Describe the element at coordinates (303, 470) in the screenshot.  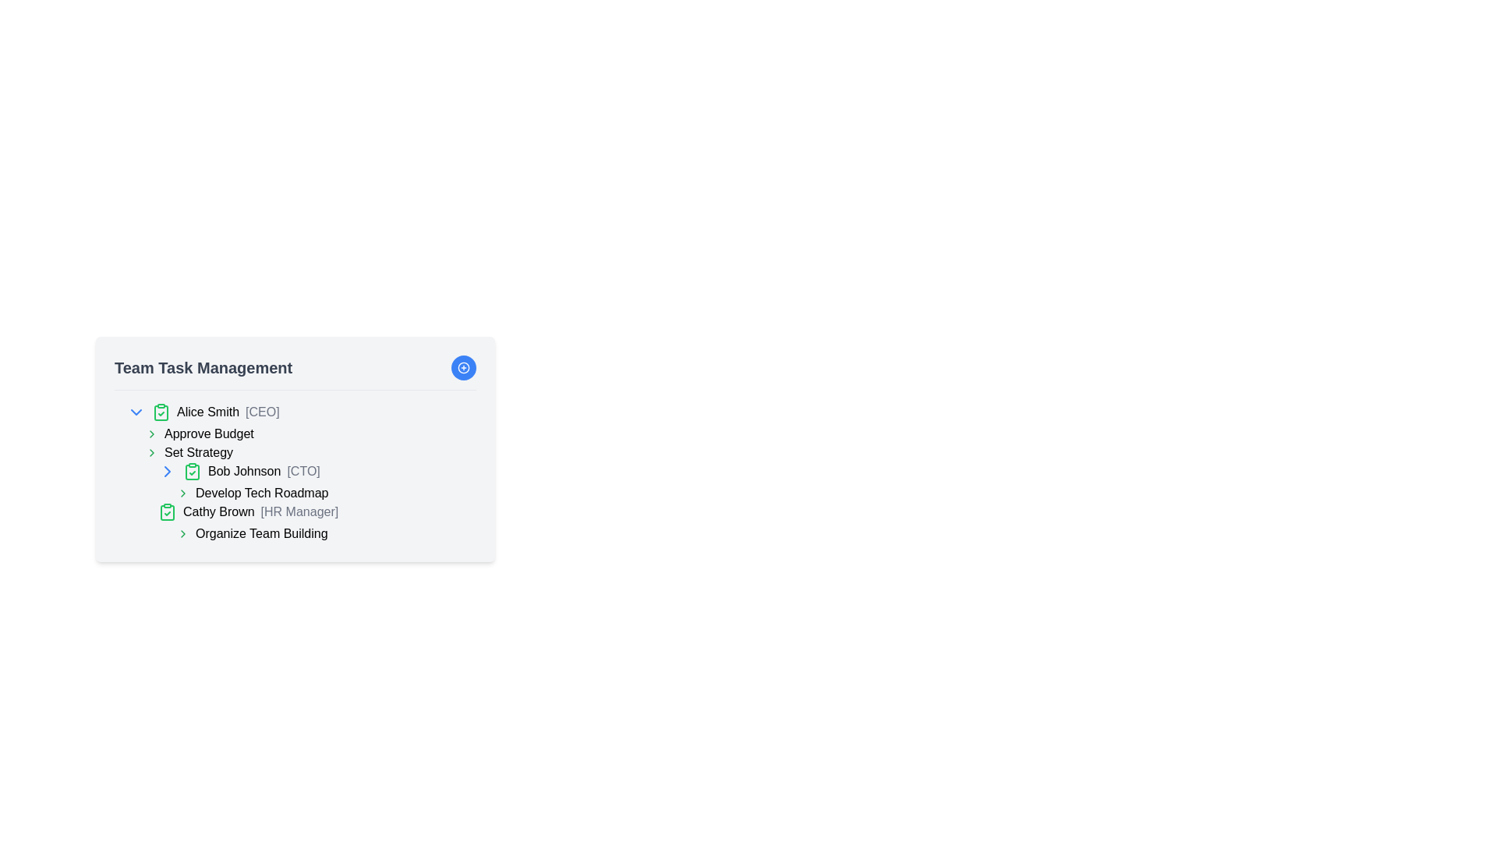
I see `the text label '[CTO]' that displays the role of 'Bob Johnson', which is positioned to the right of 'Bob Johnson' within the same row` at that location.